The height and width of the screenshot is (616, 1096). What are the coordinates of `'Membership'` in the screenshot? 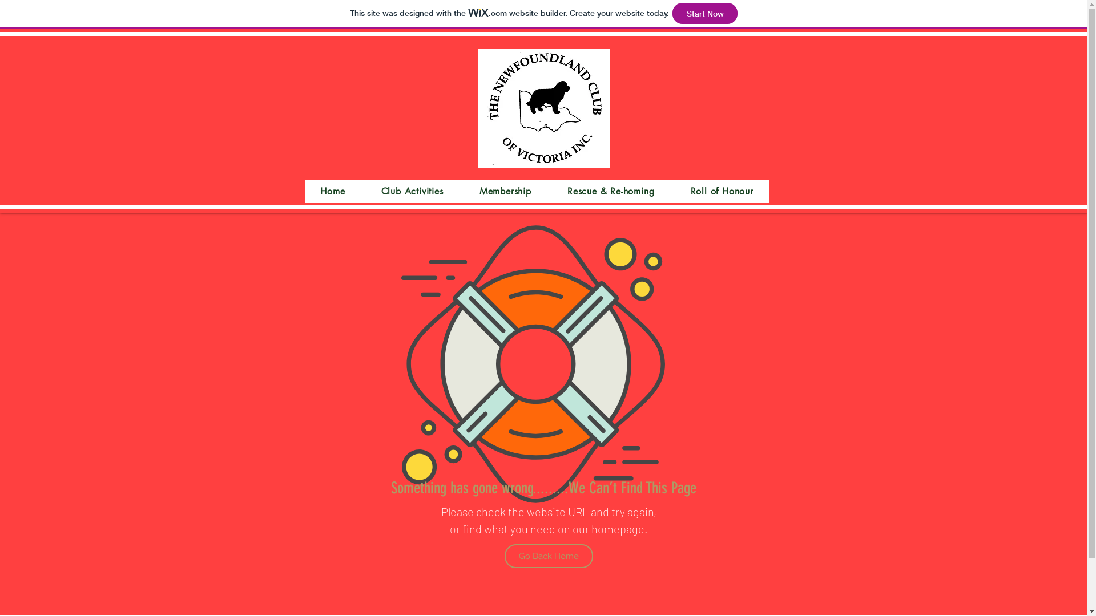 It's located at (463, 191).